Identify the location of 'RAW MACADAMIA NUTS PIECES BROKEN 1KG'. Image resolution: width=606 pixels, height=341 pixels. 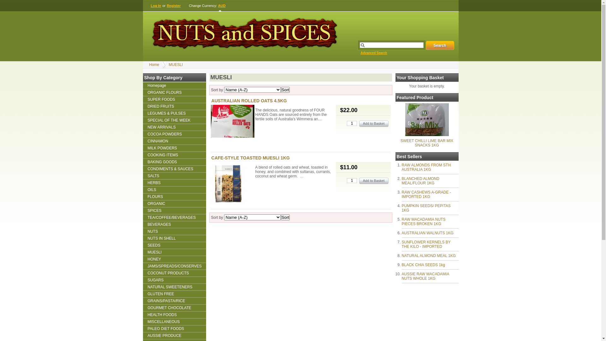
(423, 221).